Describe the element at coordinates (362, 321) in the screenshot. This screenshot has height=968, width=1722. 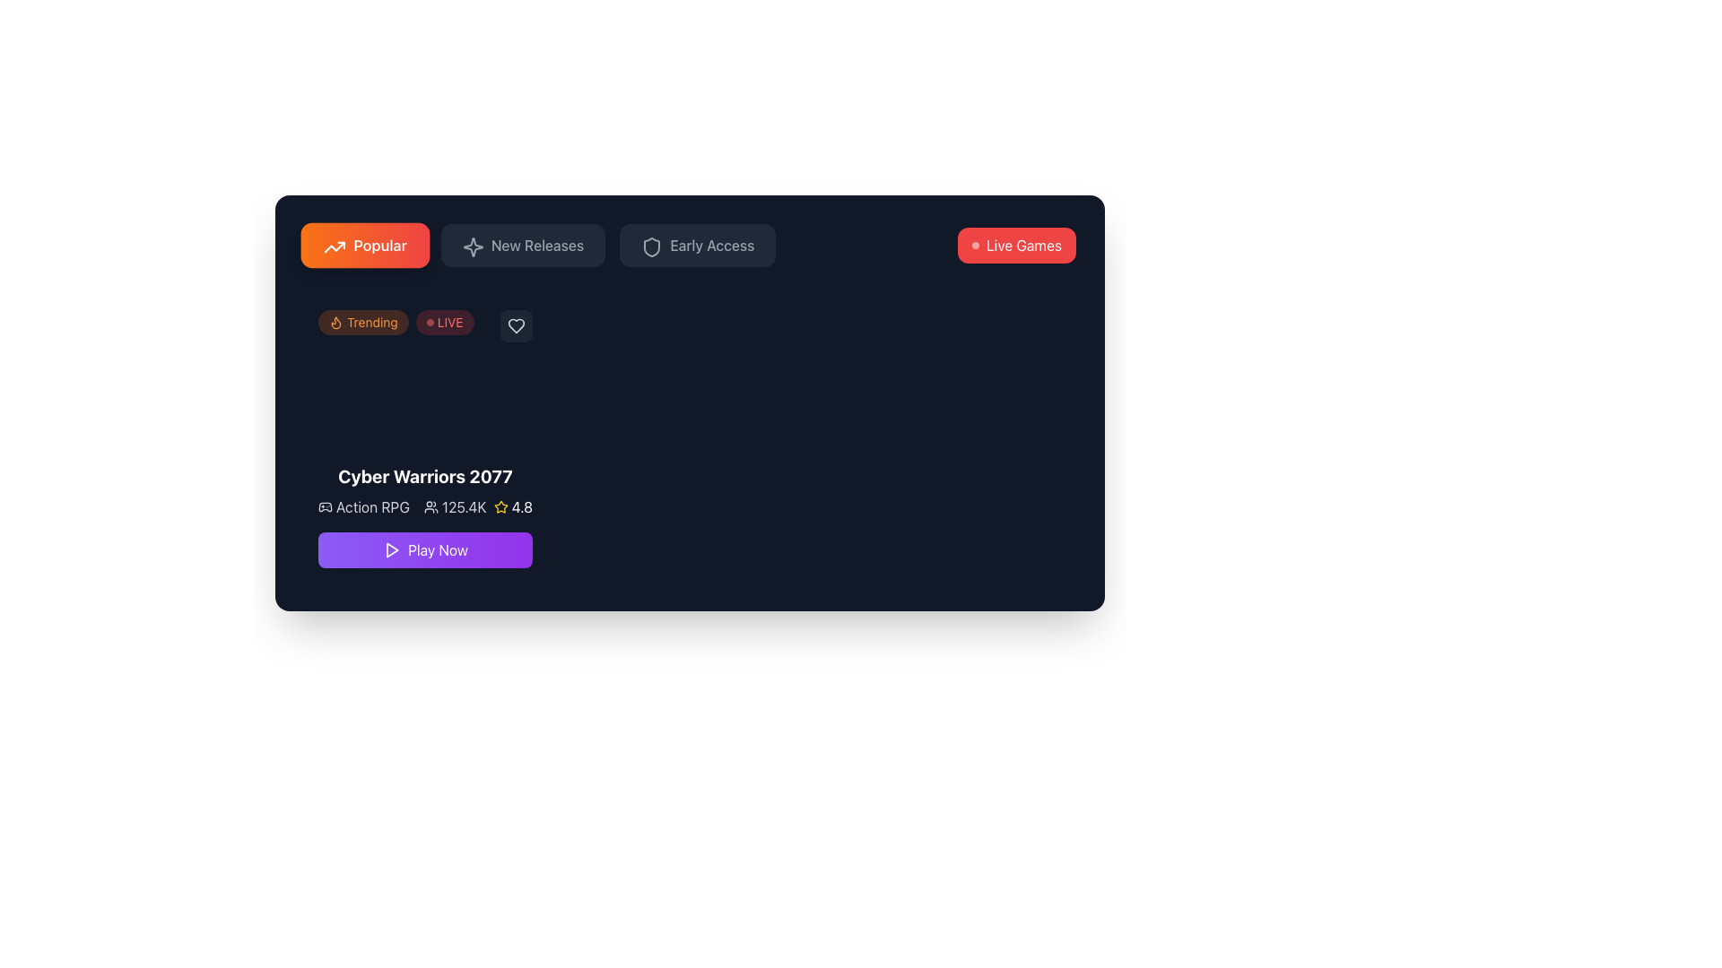
I see `the 'Trending' badge, which is a small rectangular label with a flame icon, styled in an orange theme and located at the top-center segment of the card` at that location.